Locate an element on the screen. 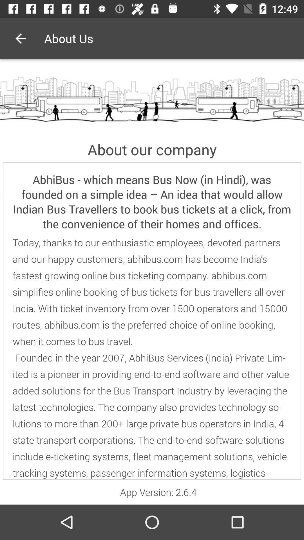 This screenshot has width=304, height=540. the icon above the app version 2 item is located at coordinates (152, 357).